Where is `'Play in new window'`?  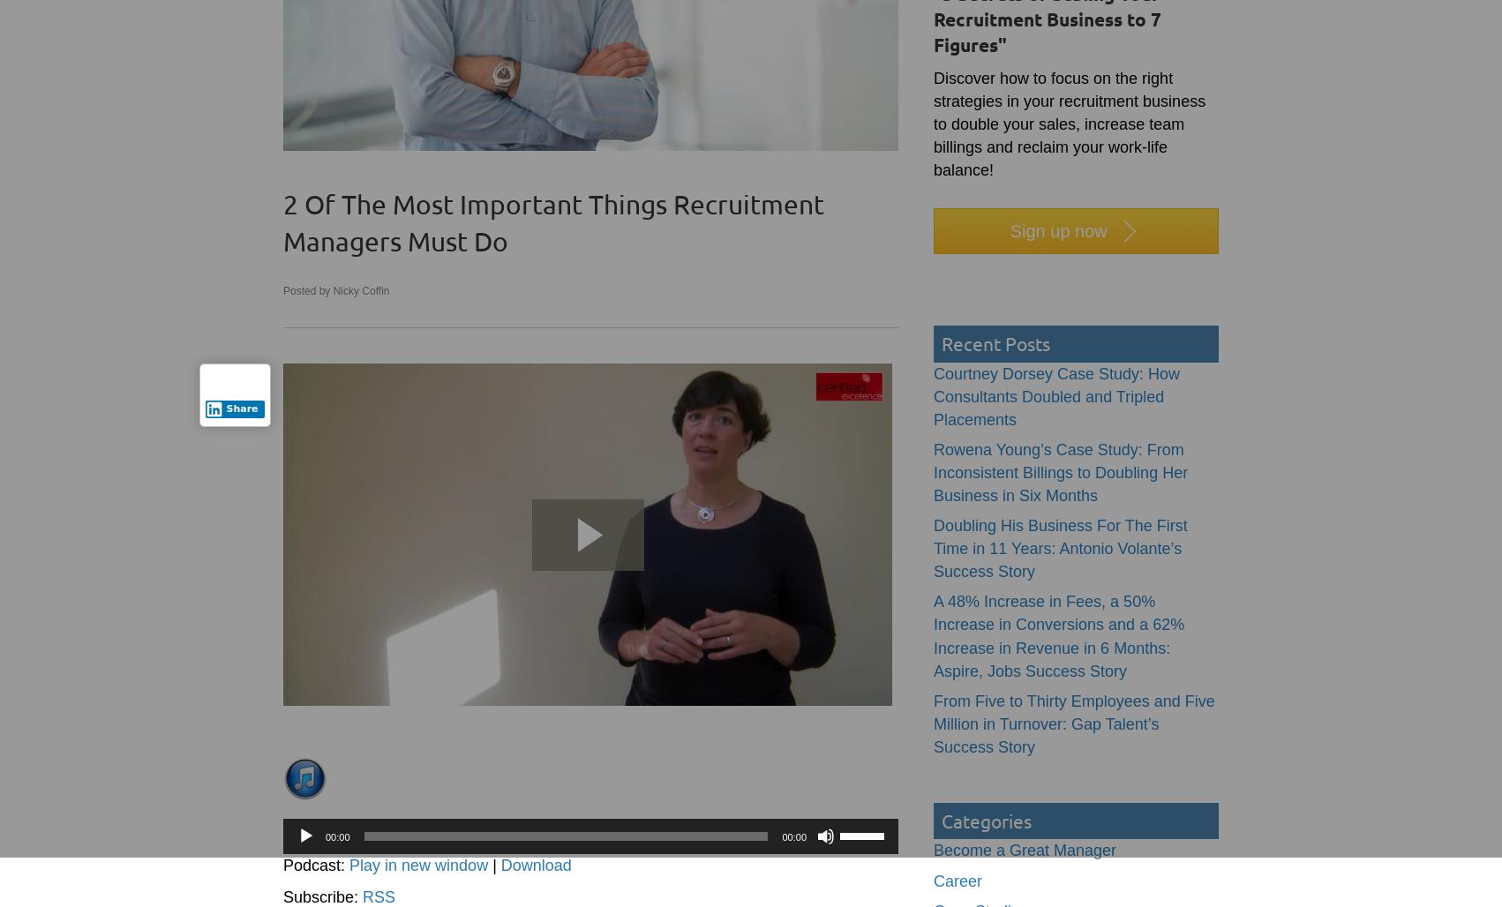 'Play in new window' is located at coordinates (417, 865).